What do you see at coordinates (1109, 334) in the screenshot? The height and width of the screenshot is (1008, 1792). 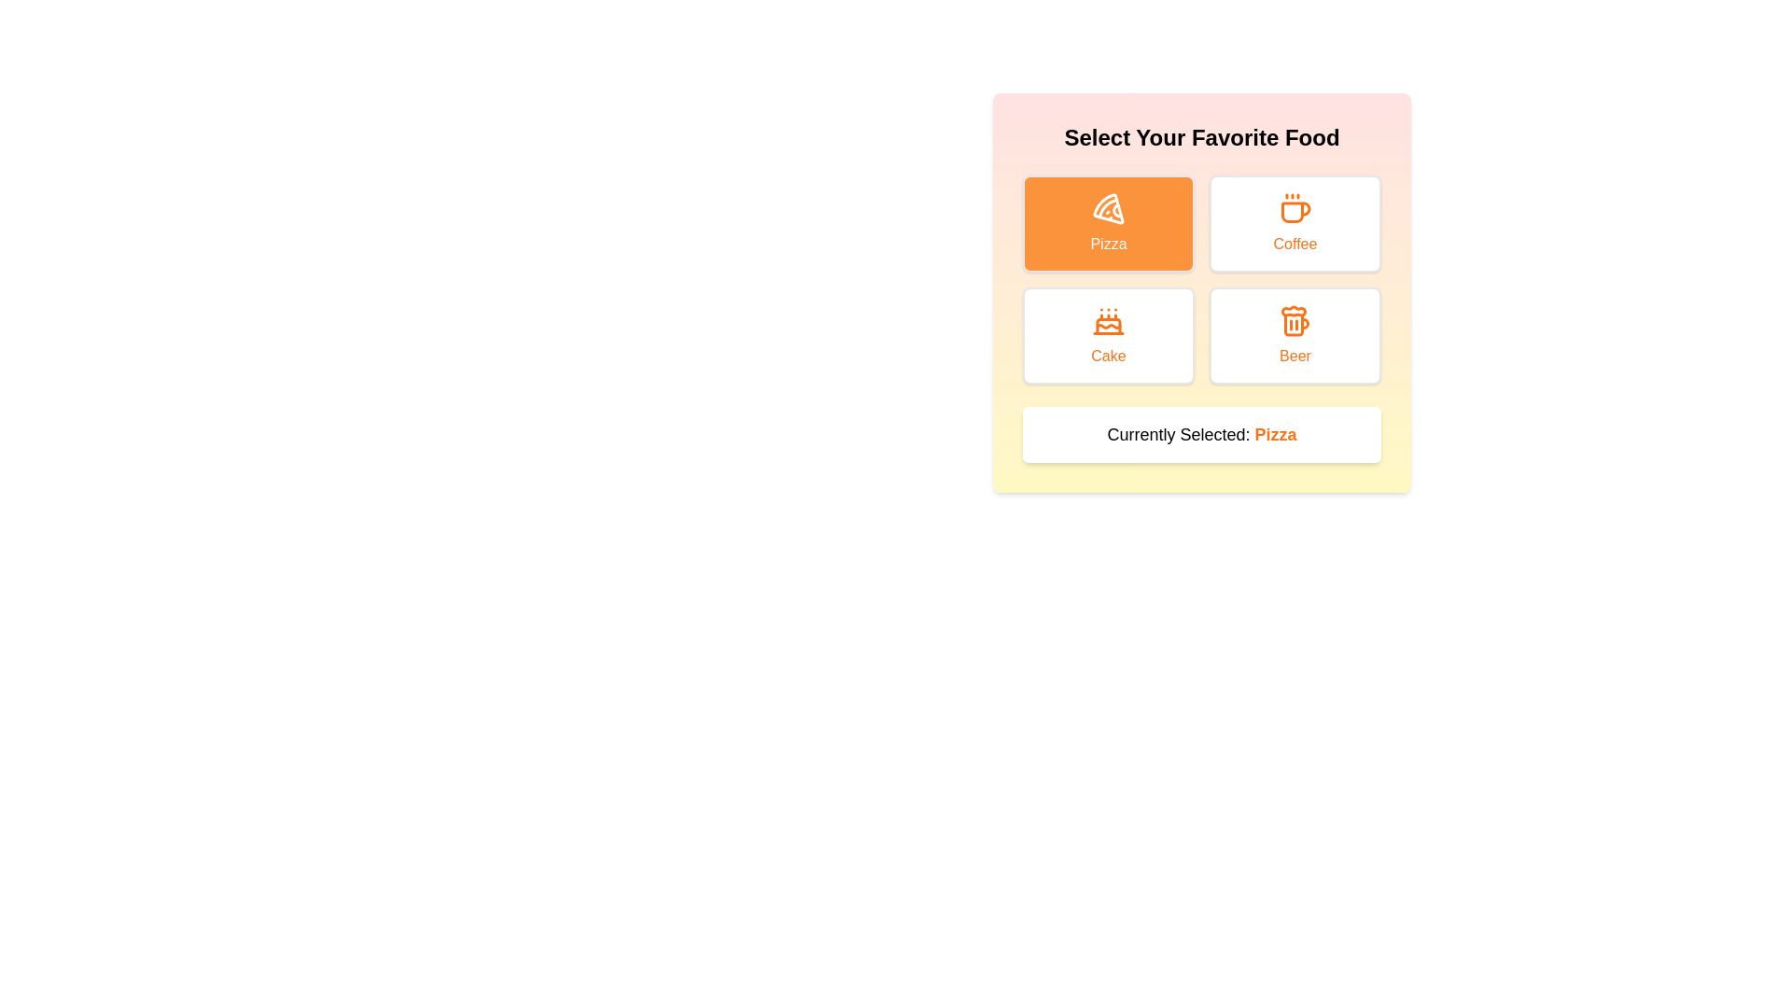 I see `the food item Cake by clicking its button` at bounding box center [1109, 334].